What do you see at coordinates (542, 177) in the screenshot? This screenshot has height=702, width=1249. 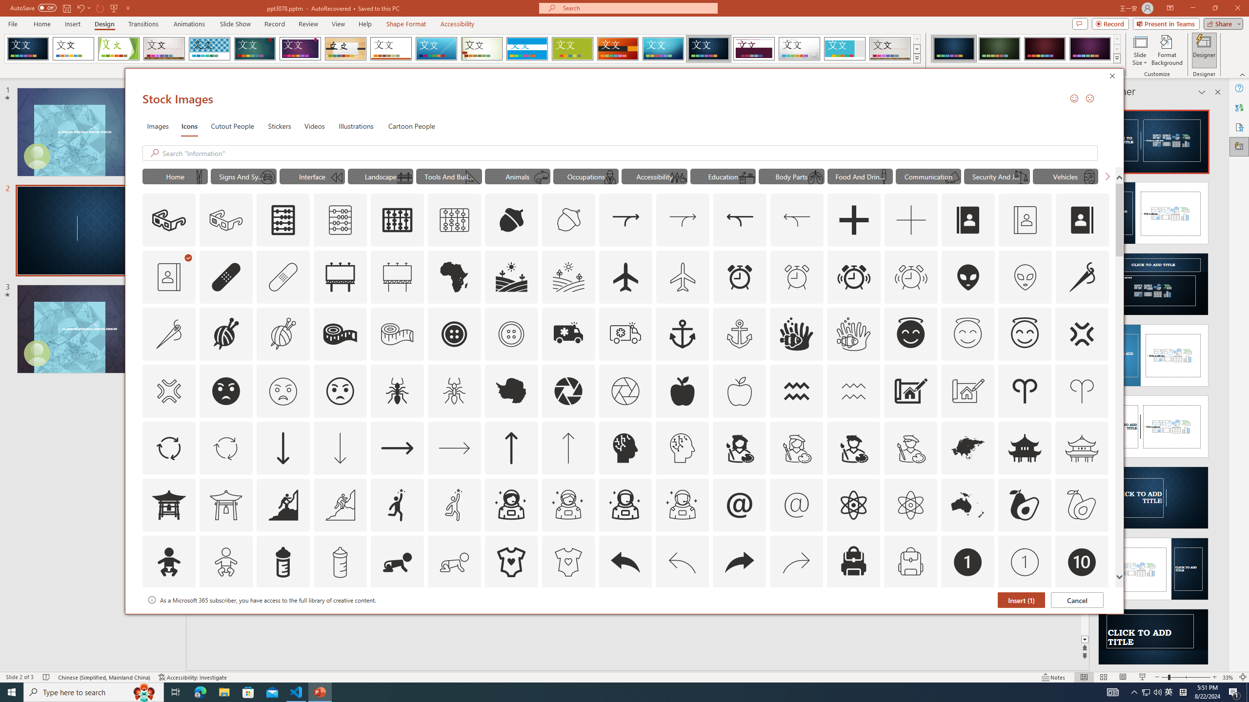 I see `'AutomationID: Icons_Whale_M'` at bounding box center [542, 177].